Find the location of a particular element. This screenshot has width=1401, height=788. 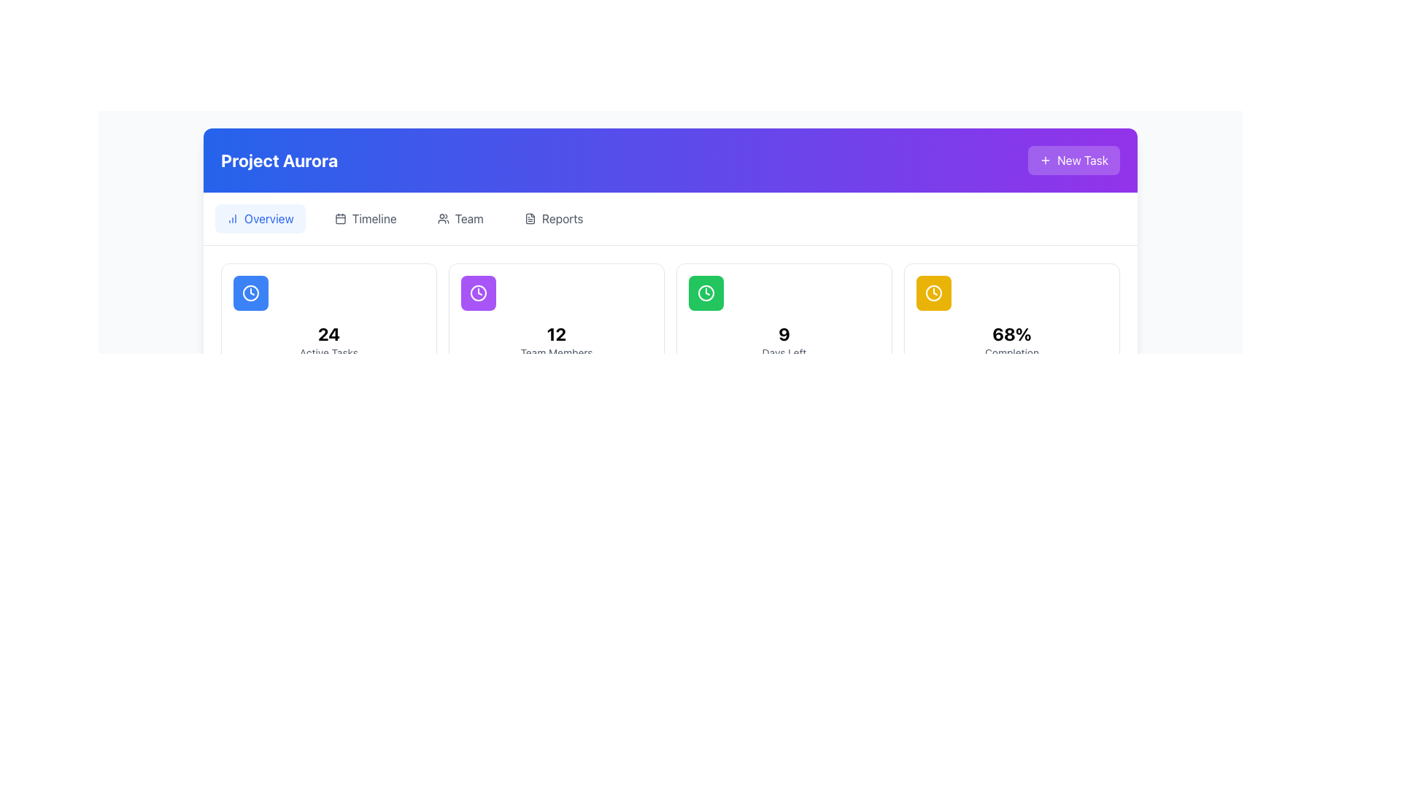

the clock icon, which is styled with a circular outline and two hands, located on a green rounded rectangular background in the third card of a dashboard interface is located at coordinates (706, 293).